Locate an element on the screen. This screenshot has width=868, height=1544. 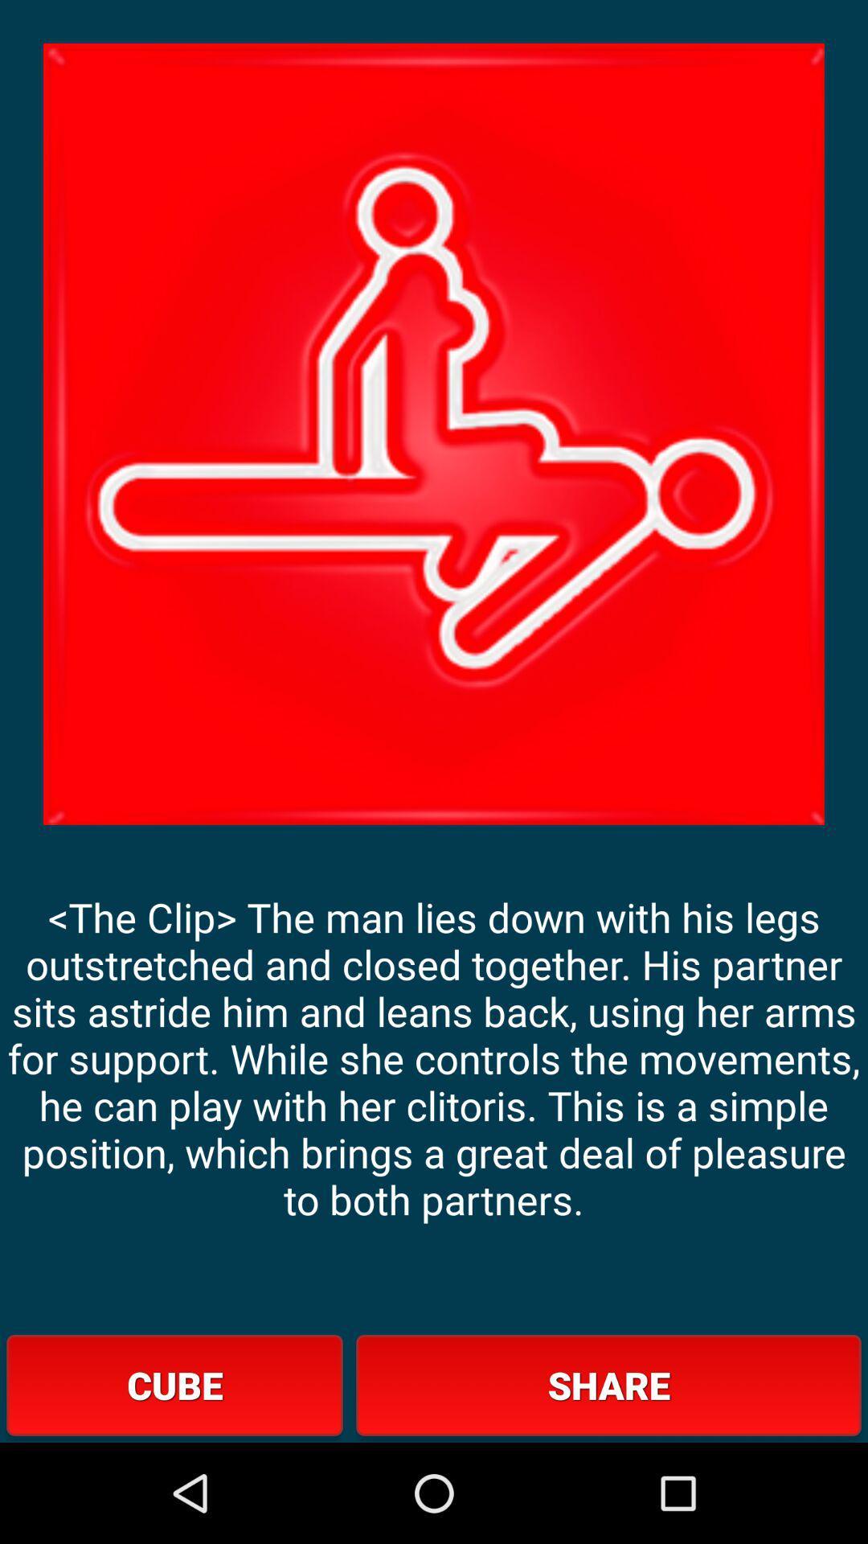
icon below the the clip the app is located at coordinates (174, 1384).